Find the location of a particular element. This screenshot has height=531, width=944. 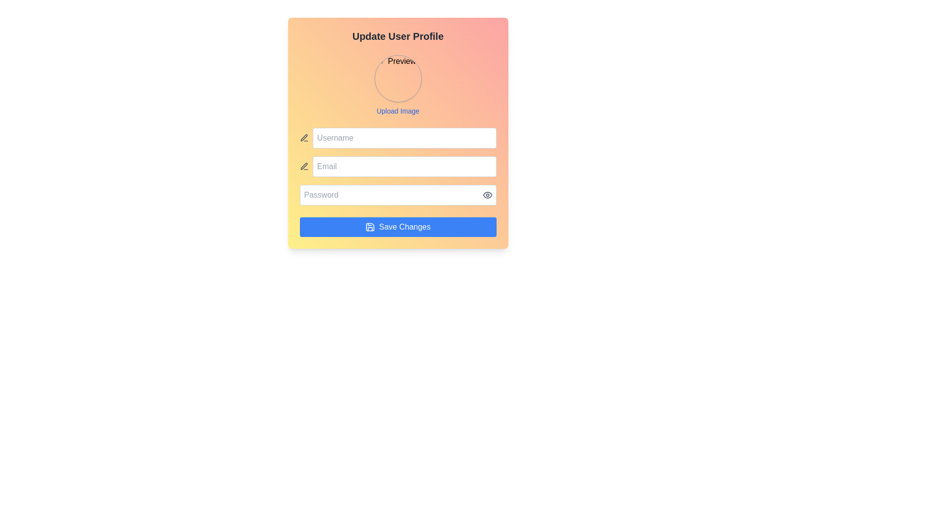

the 'Save Changes' button with a blue background and a floppy disk icon located at the bottom of the form is located at coordinates (398, 227).